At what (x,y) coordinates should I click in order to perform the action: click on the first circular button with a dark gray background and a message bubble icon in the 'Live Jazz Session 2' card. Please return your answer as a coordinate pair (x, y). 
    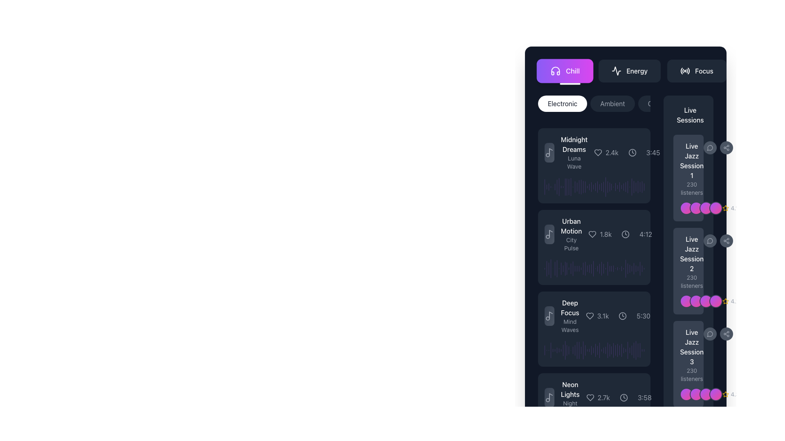
    Looking at the image, I should click on (710, 241).